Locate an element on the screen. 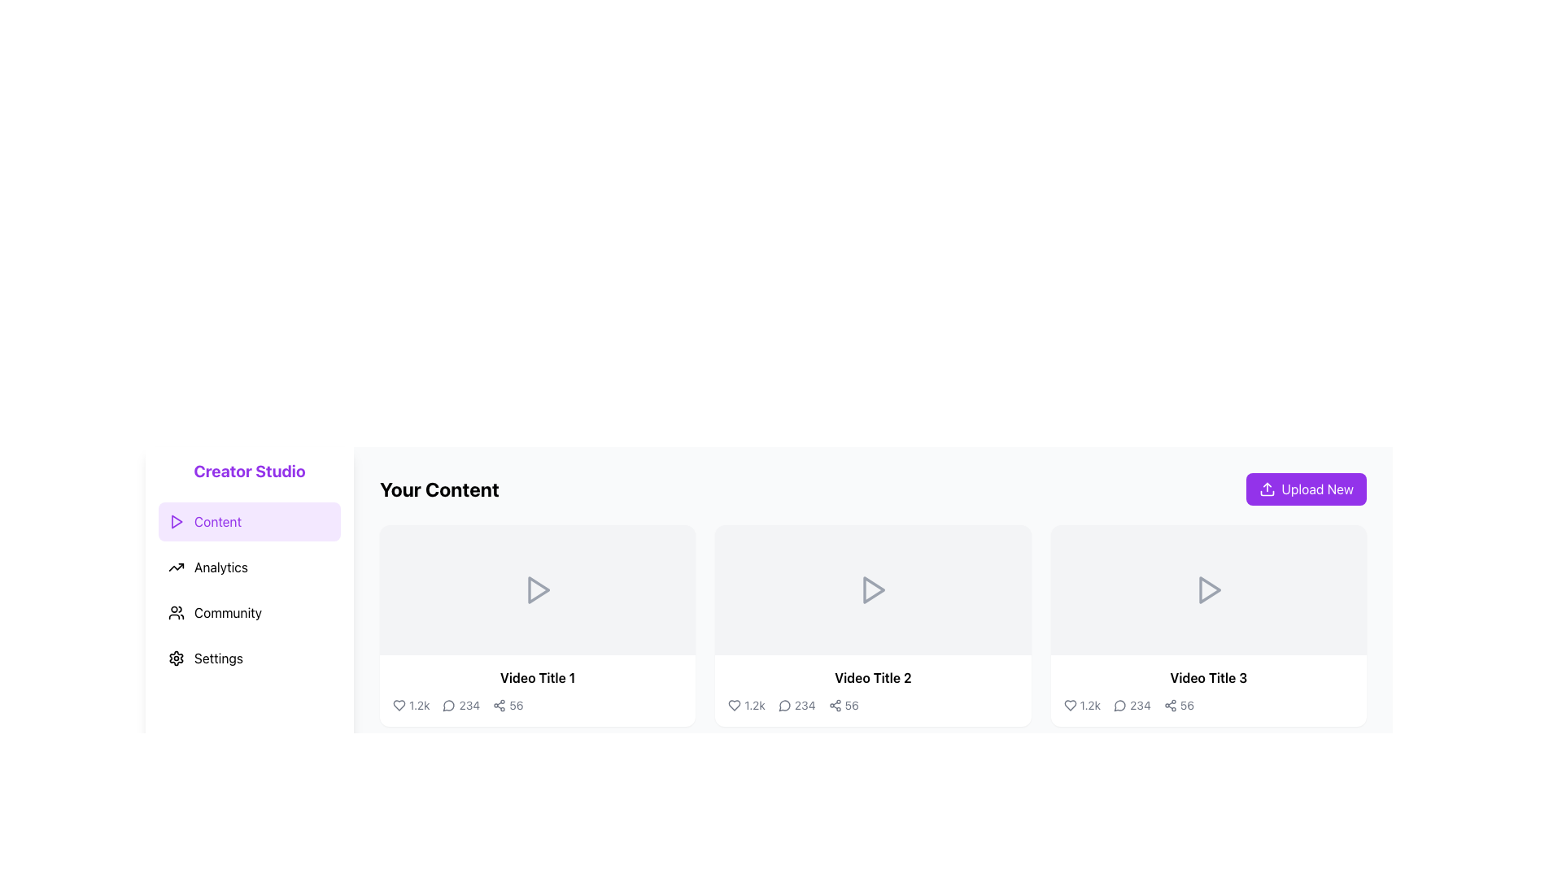  the comments icon located in the bottom-left of the first video's details section, positioned between a heart icon and the text displaying '234', to interact with the comments is located at coordinates (449, 704).